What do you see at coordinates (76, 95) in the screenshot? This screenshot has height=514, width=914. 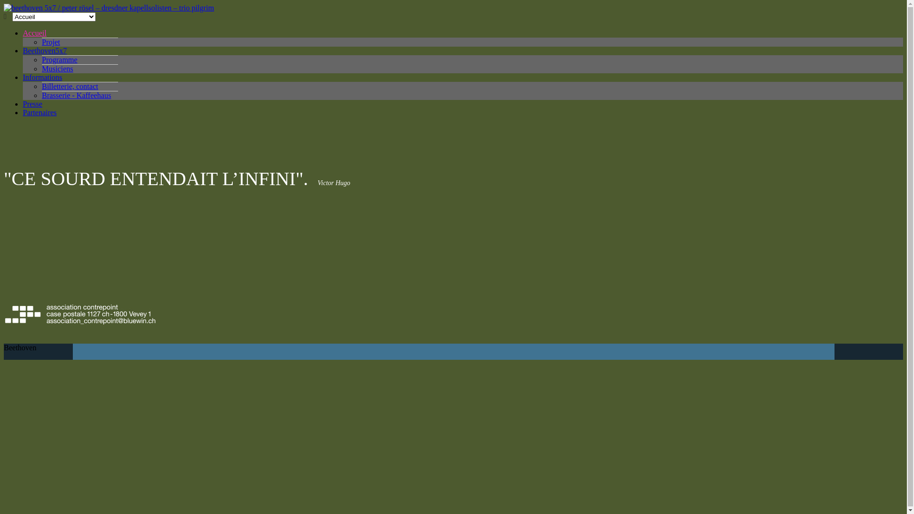 I see `'Brasserie - Kaffeehaus'` at bounding box center [76, 95].